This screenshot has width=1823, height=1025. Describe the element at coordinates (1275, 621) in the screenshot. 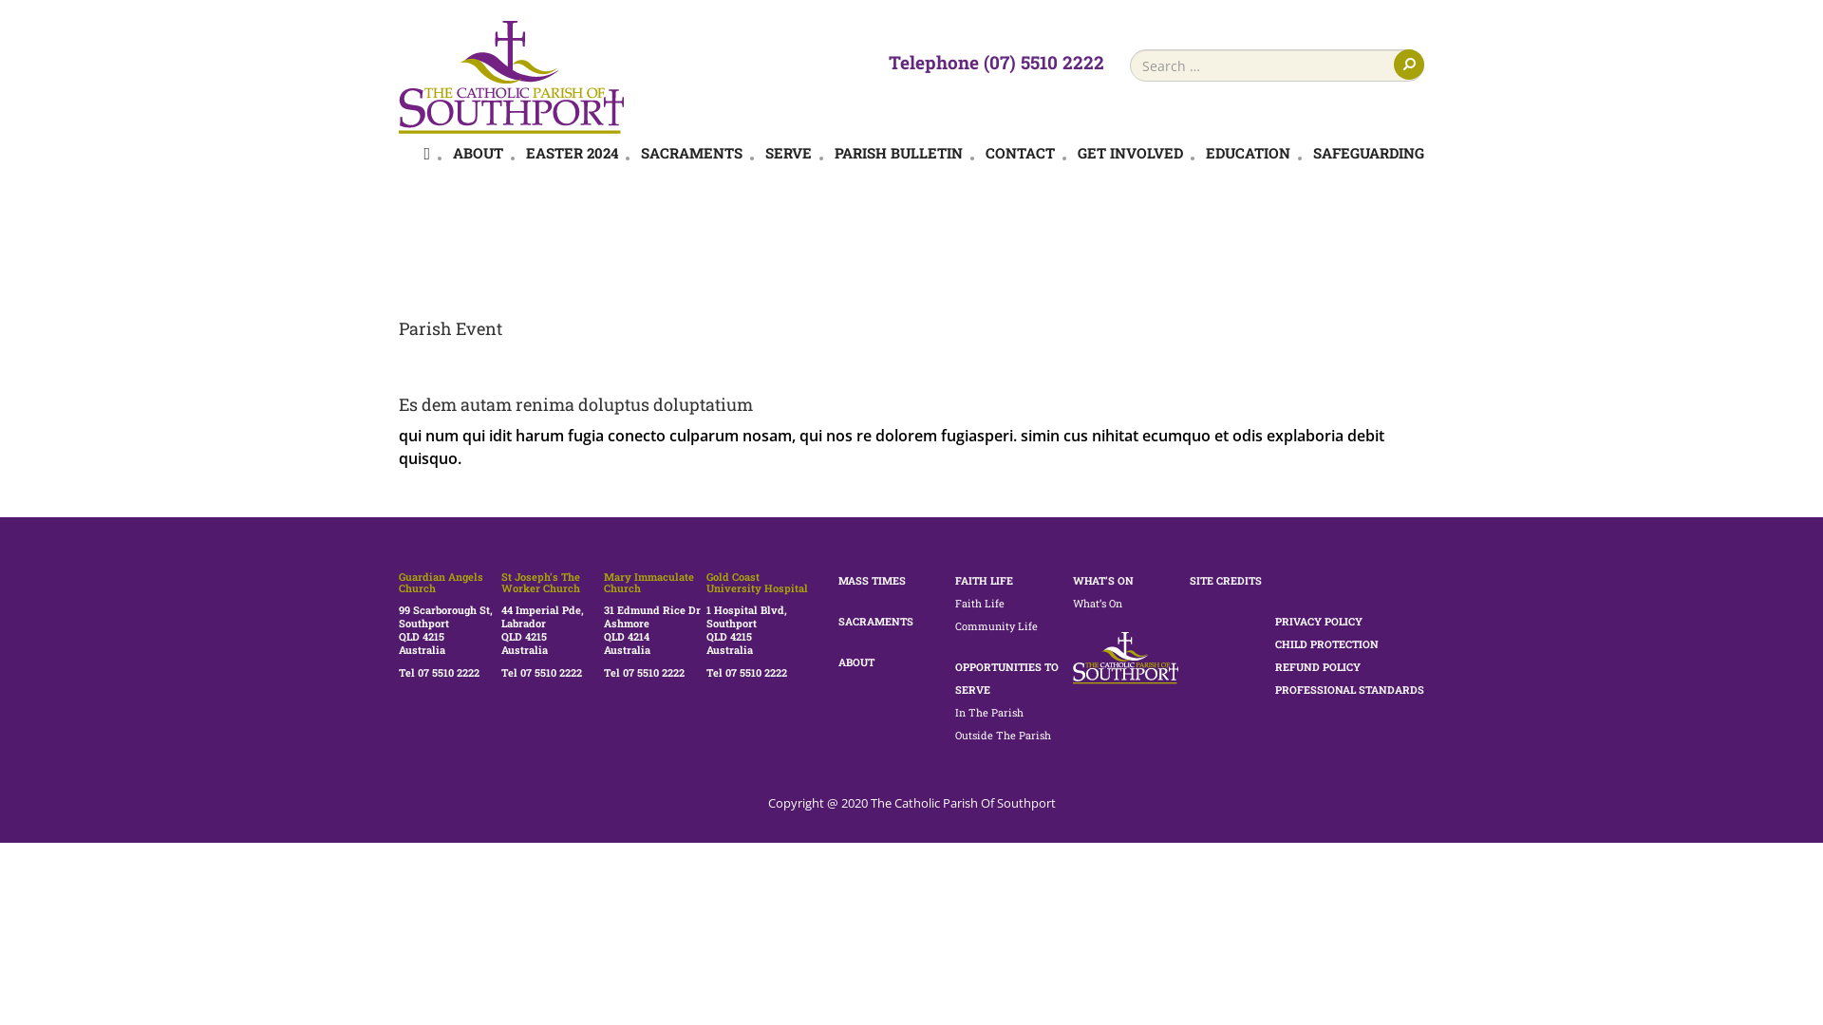

I see `'PRIVACY POLICY'` at that location.